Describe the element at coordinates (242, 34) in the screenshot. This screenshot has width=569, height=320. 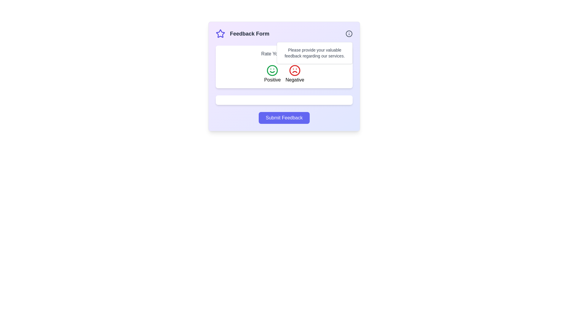
I see `the text label that serves as the title for the feedback form section, located at the top-left corner of the feedback dialog box, adjacent to the star icon` at that location.